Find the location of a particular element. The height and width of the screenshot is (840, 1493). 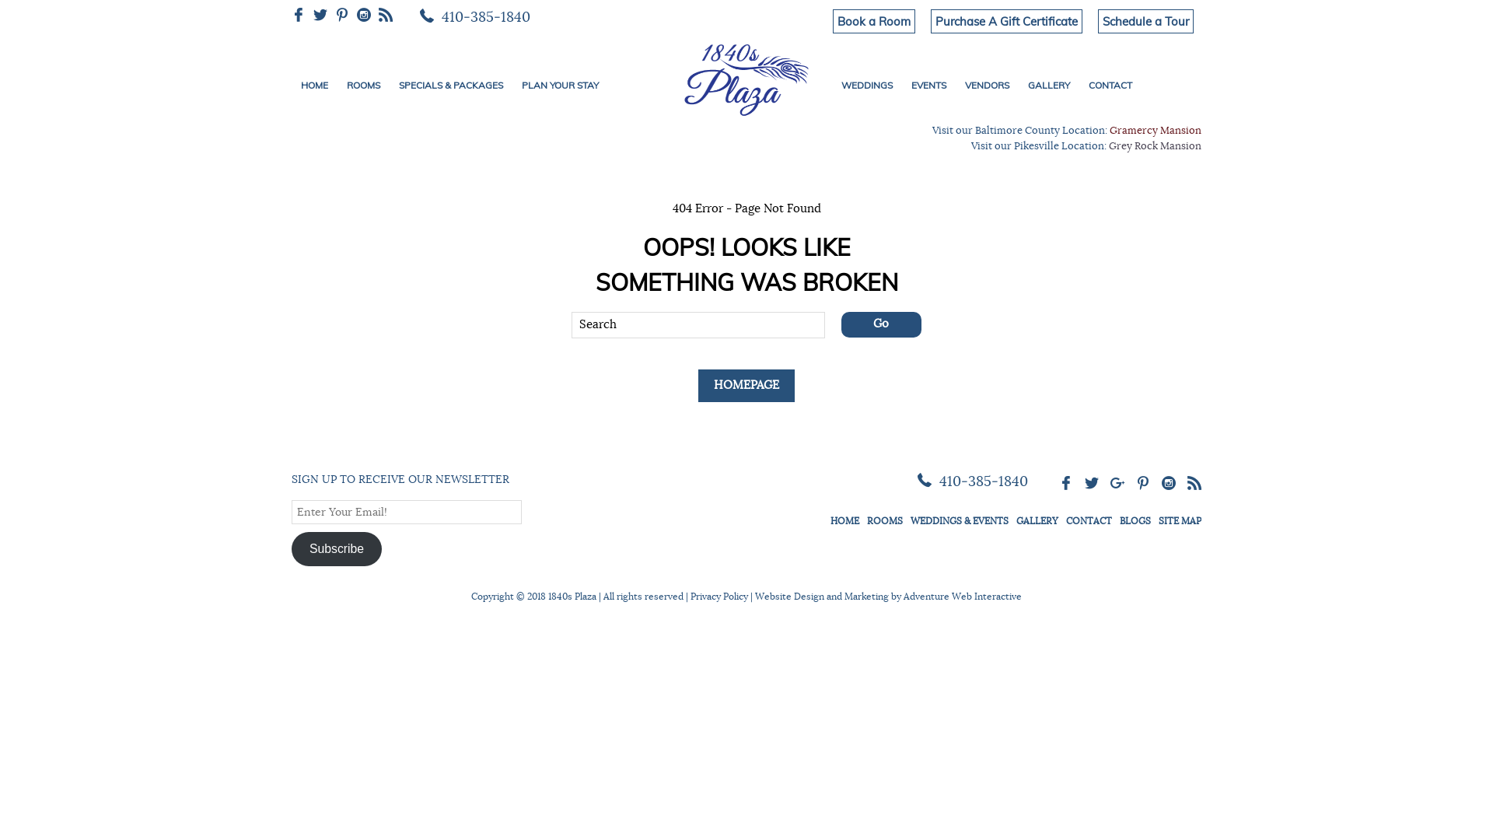

'WEDDINGS & EVENTS' is located at coordinates (958, 521).